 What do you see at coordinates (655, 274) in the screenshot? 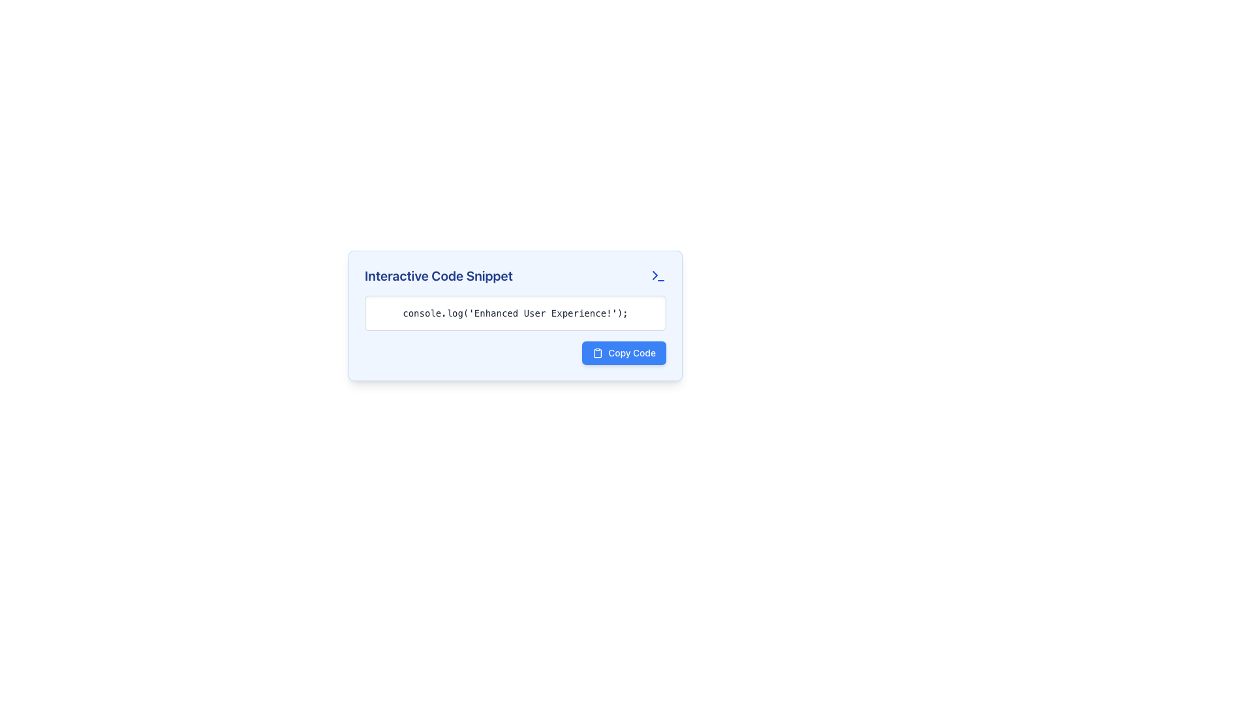
I see `the small triangular decorative icon resembling a 'greater than' symbol ('>') in the terminal-style graphic element located in the center-right region of the UI` at bounding box center [655, 274].